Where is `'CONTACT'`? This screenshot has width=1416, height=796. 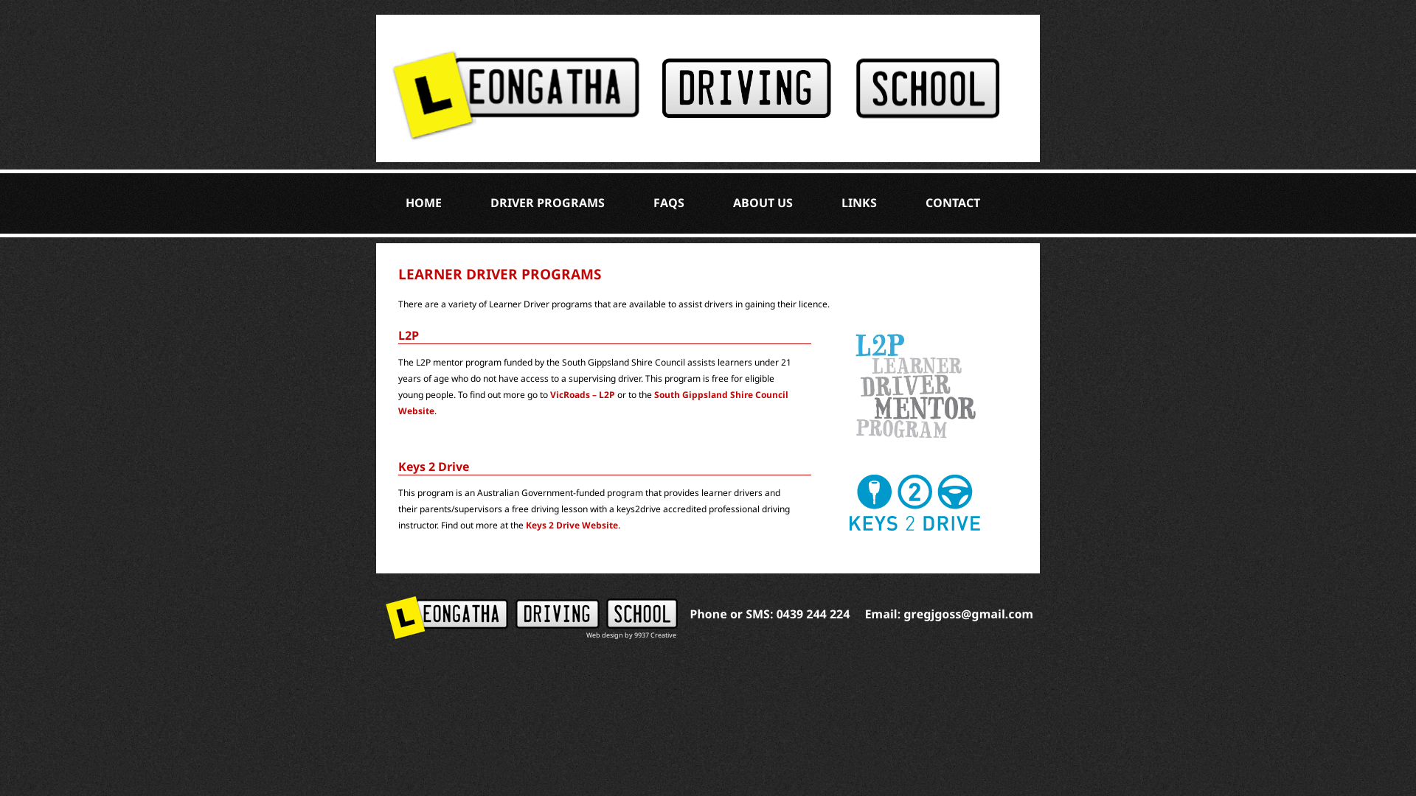
'CONTACT' is located at coordinates (952, 202).